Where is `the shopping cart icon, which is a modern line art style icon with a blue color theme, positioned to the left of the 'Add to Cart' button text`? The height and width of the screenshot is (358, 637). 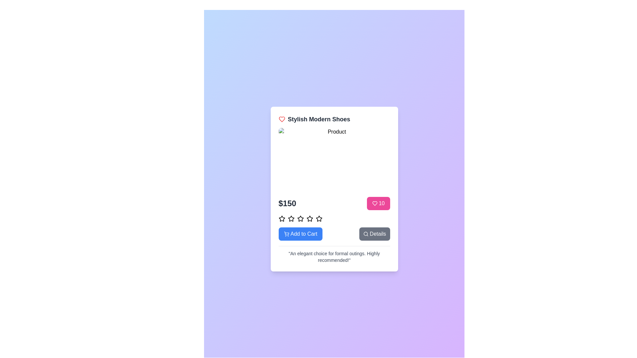
the shopping cart icon, which is a modern line art style icon with a blue color theme, positioned to the left of the 'Add to Cart' button text is located at coordinates (286, 233).